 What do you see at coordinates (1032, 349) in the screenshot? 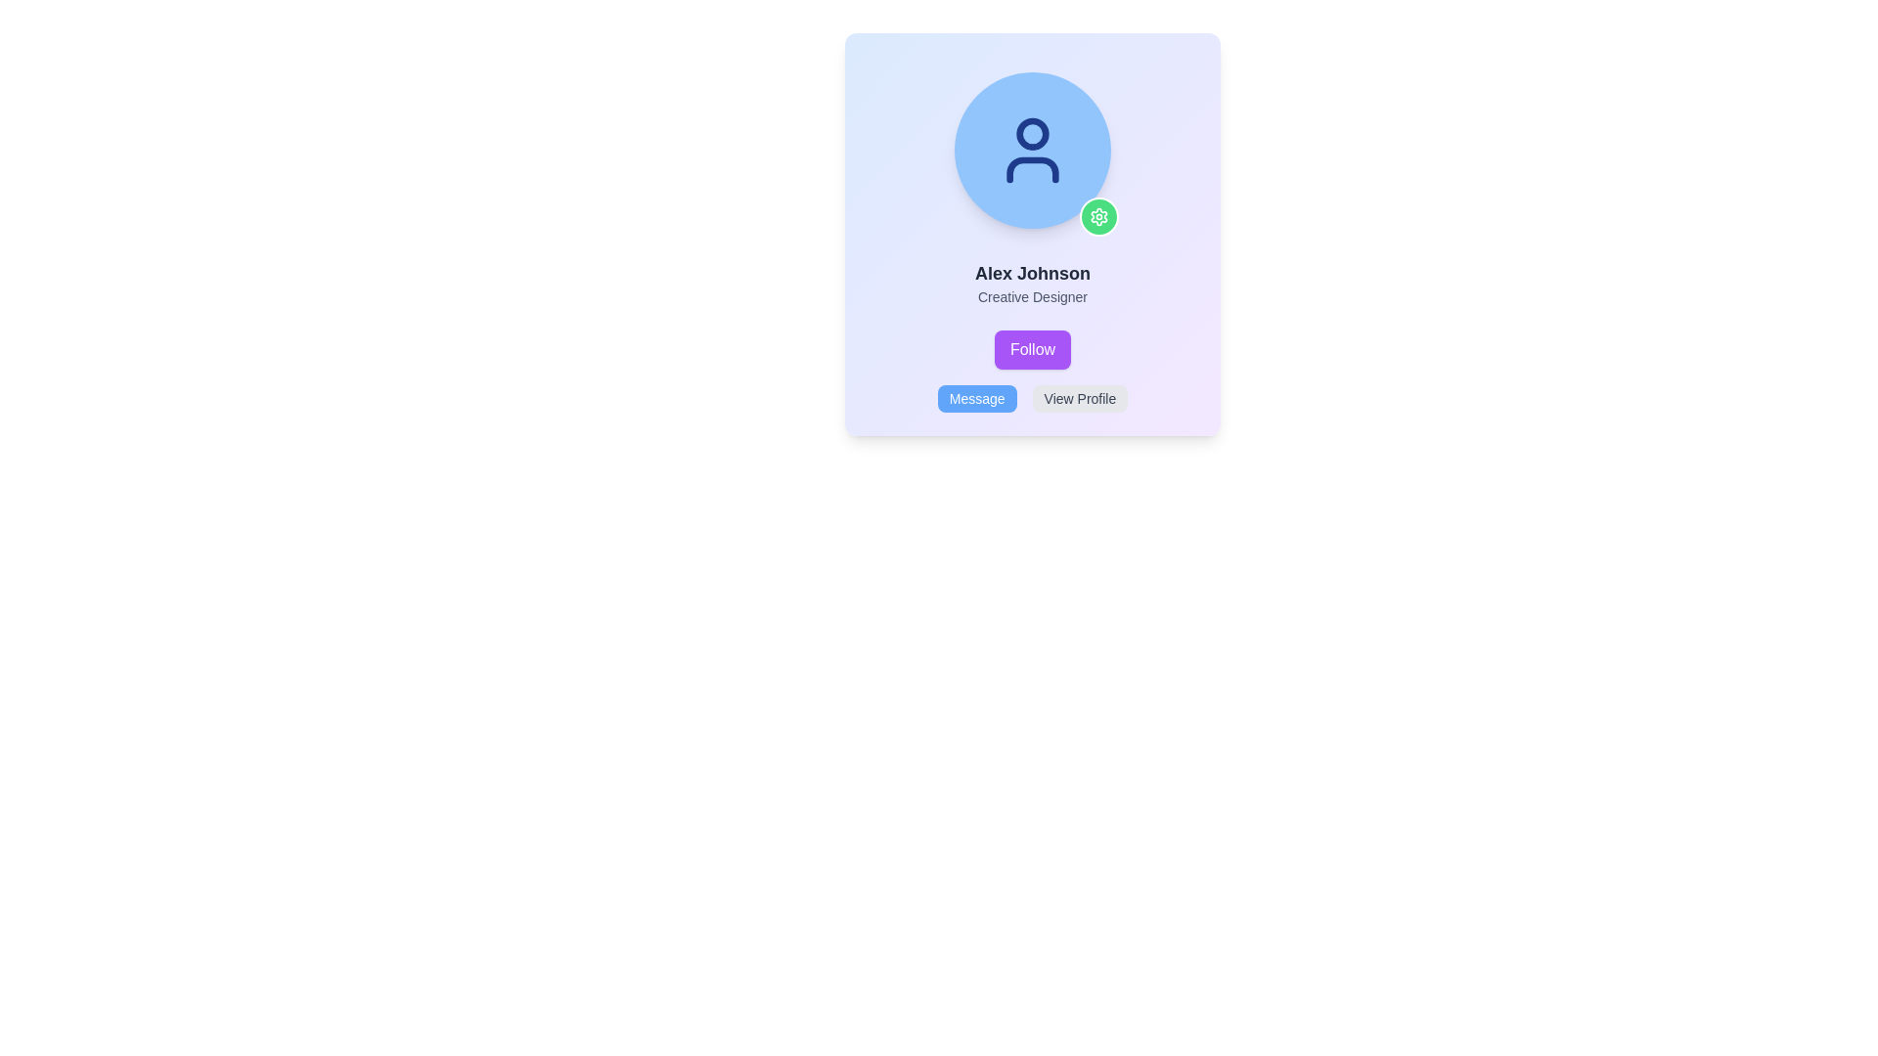
I see `the purple 'Follow' button with rounded corners and white text located at the center-bottom of the user profile card to follow the user` at bounding box center [1032, 349].